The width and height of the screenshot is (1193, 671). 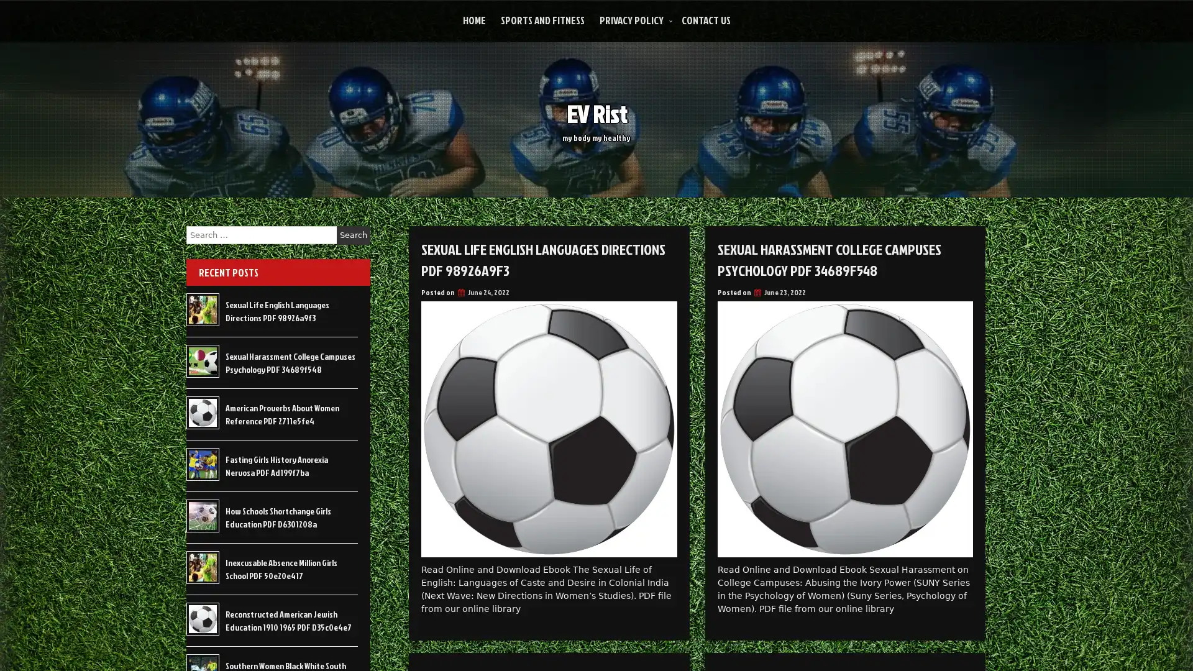 What do you see at coordinates (353, 235) in the screenshot?
I see `Search` at bounding box center [353, 235].